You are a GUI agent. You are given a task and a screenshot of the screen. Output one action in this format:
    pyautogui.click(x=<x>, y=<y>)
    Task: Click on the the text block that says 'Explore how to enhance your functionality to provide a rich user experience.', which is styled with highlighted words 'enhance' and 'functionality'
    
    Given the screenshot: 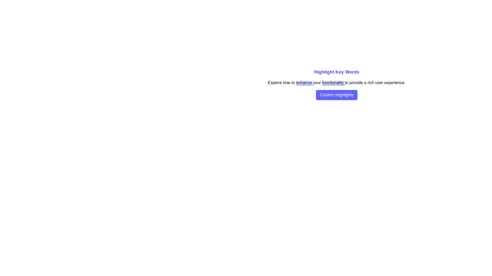 What is the action you would take?
    pyautogui.click(x=337, y=83)
    